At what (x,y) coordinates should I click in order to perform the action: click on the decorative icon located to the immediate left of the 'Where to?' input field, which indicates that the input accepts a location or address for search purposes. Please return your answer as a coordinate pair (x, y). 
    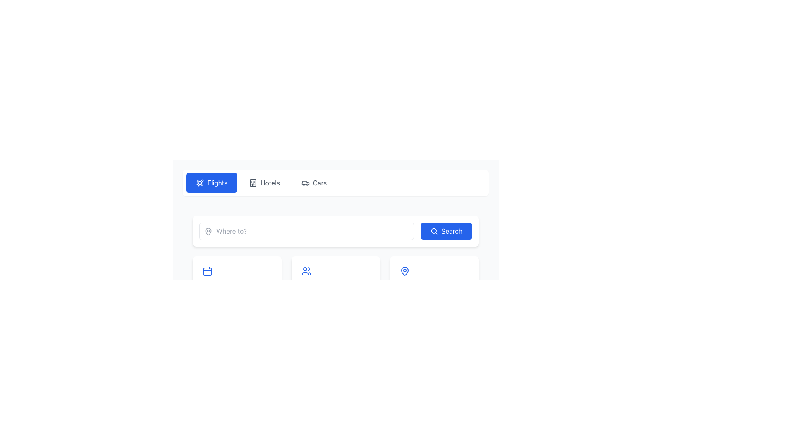
    Looking at the image, I should click on (208, 231).